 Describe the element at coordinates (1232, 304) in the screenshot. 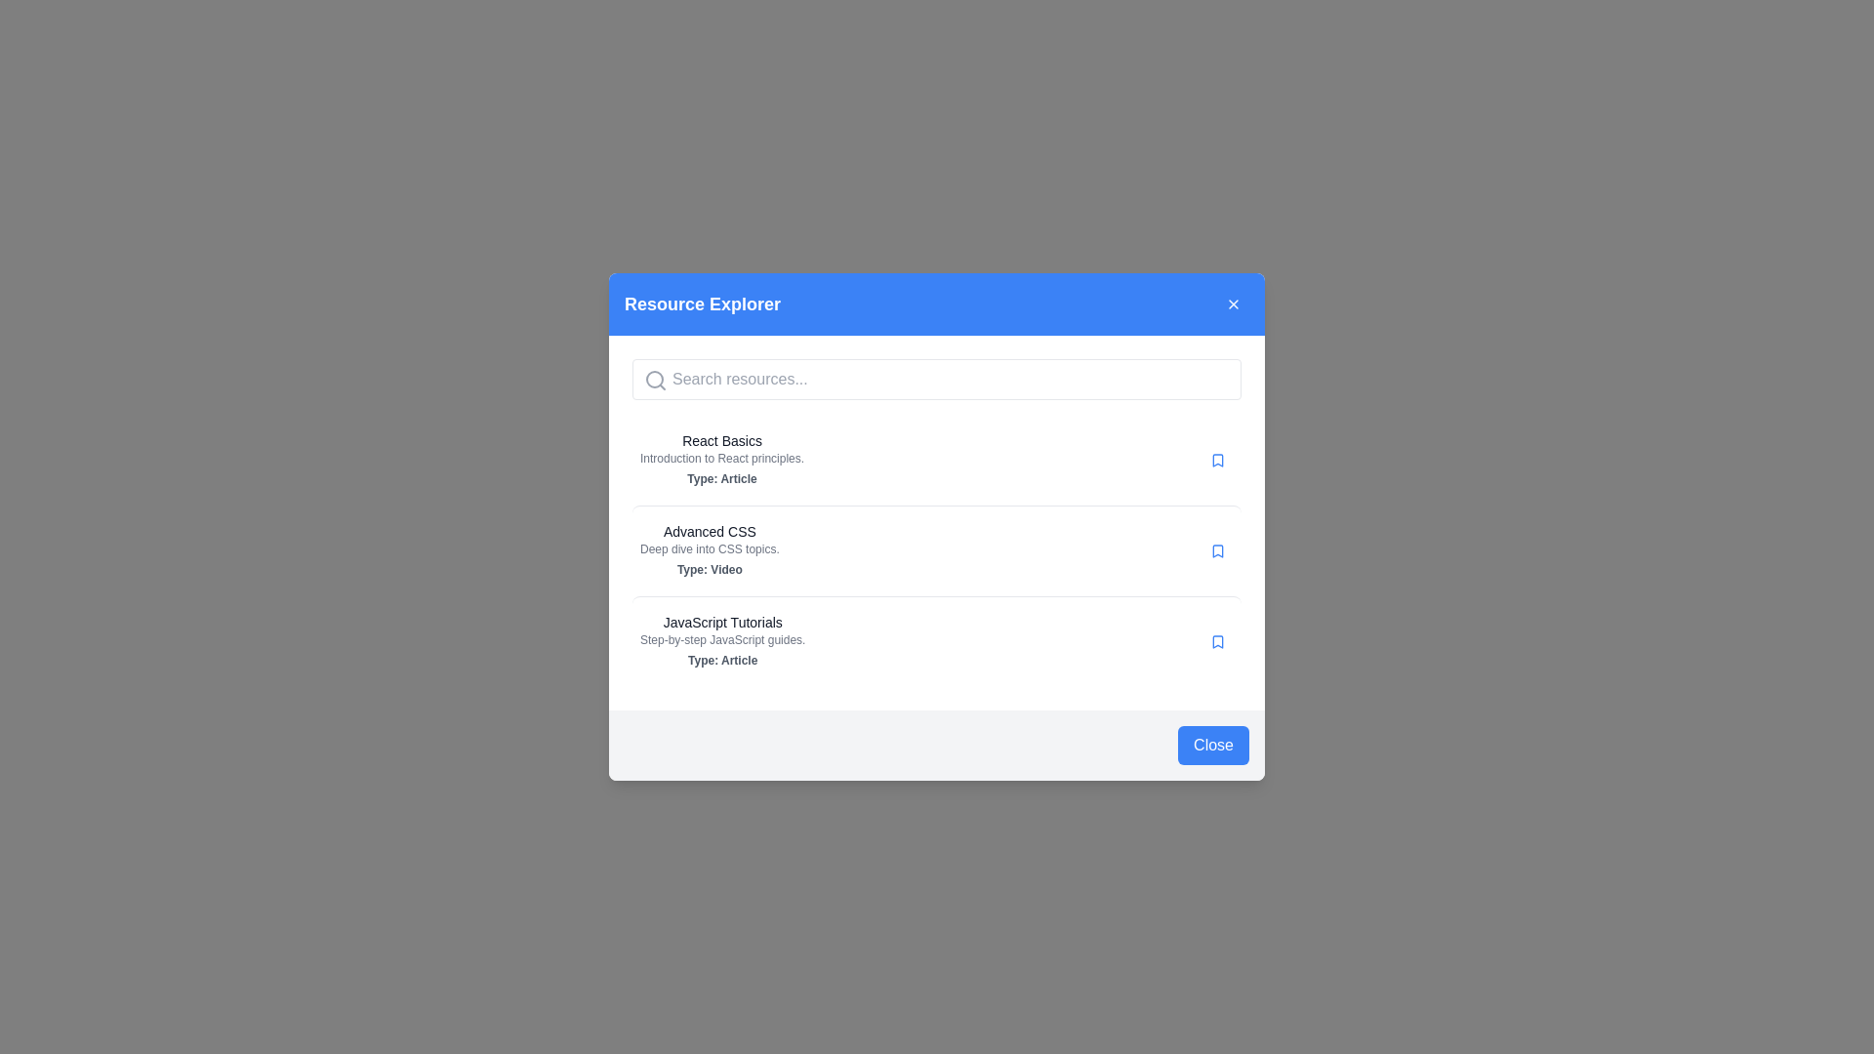

I see `the close button located at the top-right corner of the 'Resource Explorer' modal` at that location.